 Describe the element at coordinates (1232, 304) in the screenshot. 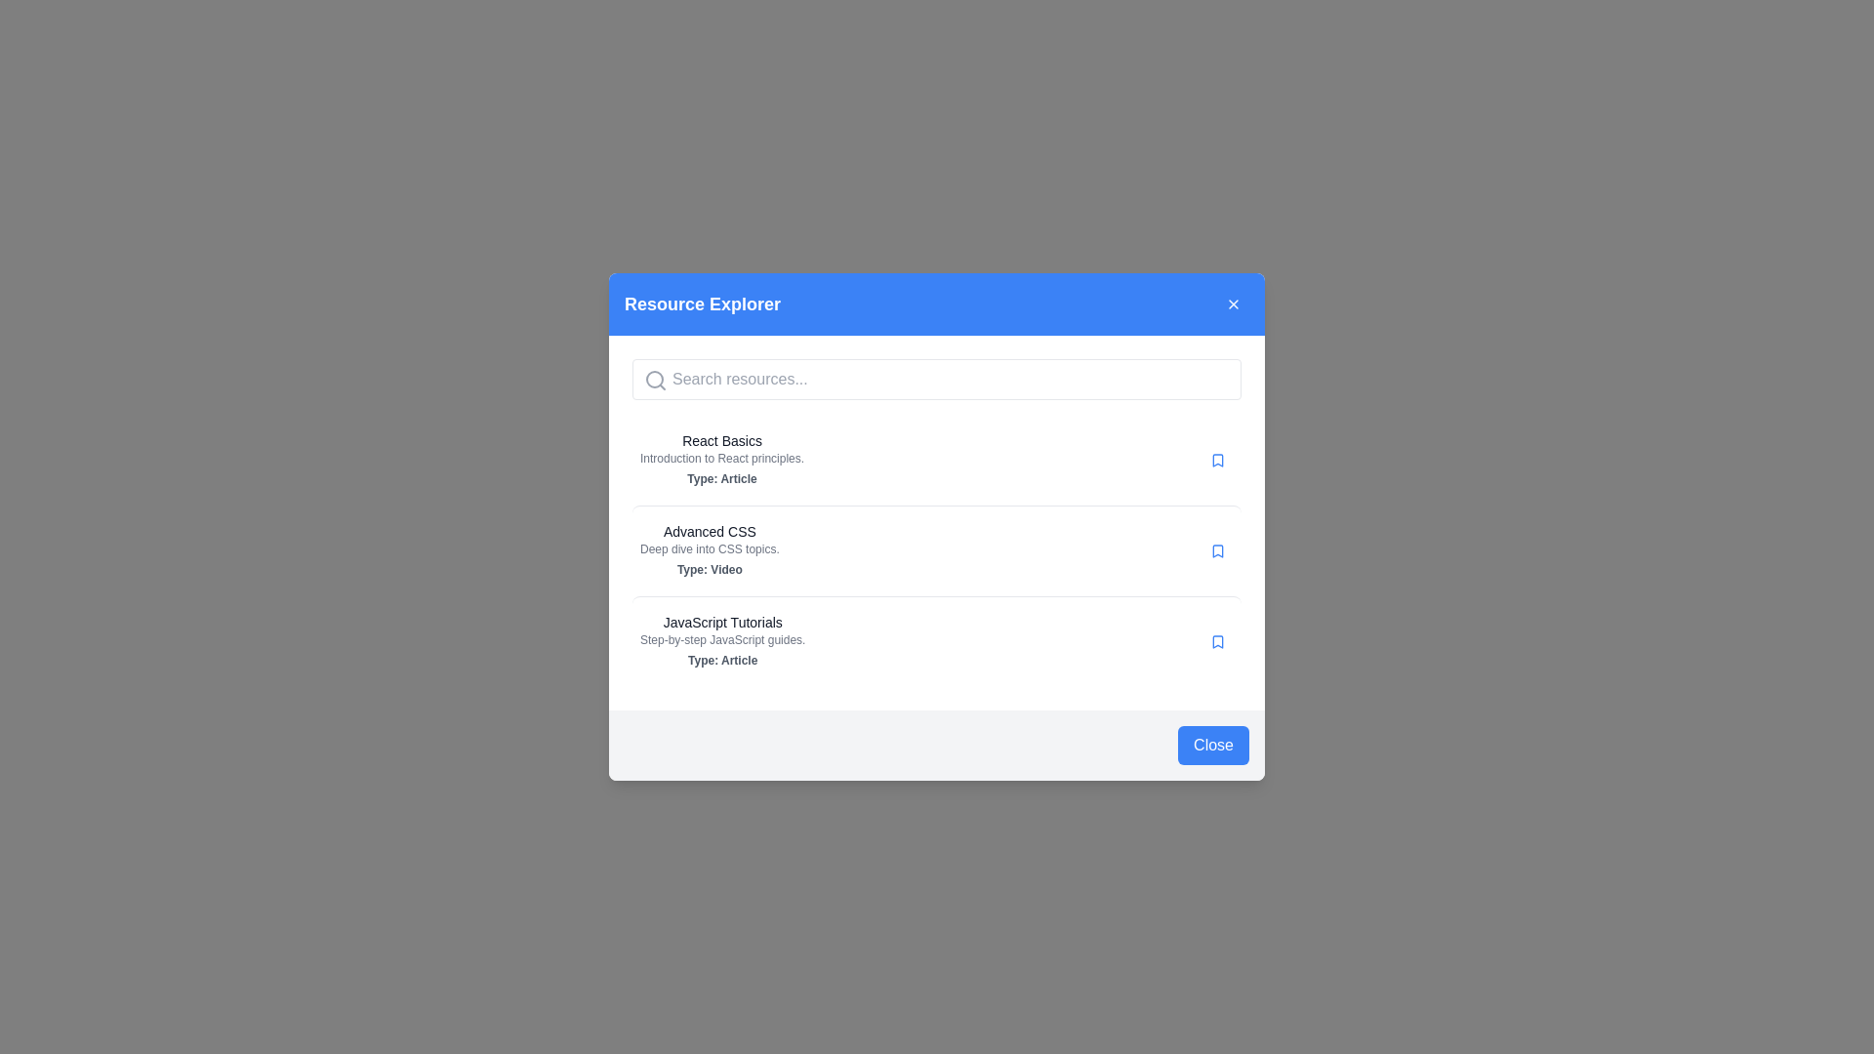

I see `the close button located at the top-right corner of the 'Resource Explorer' modal` at that location.